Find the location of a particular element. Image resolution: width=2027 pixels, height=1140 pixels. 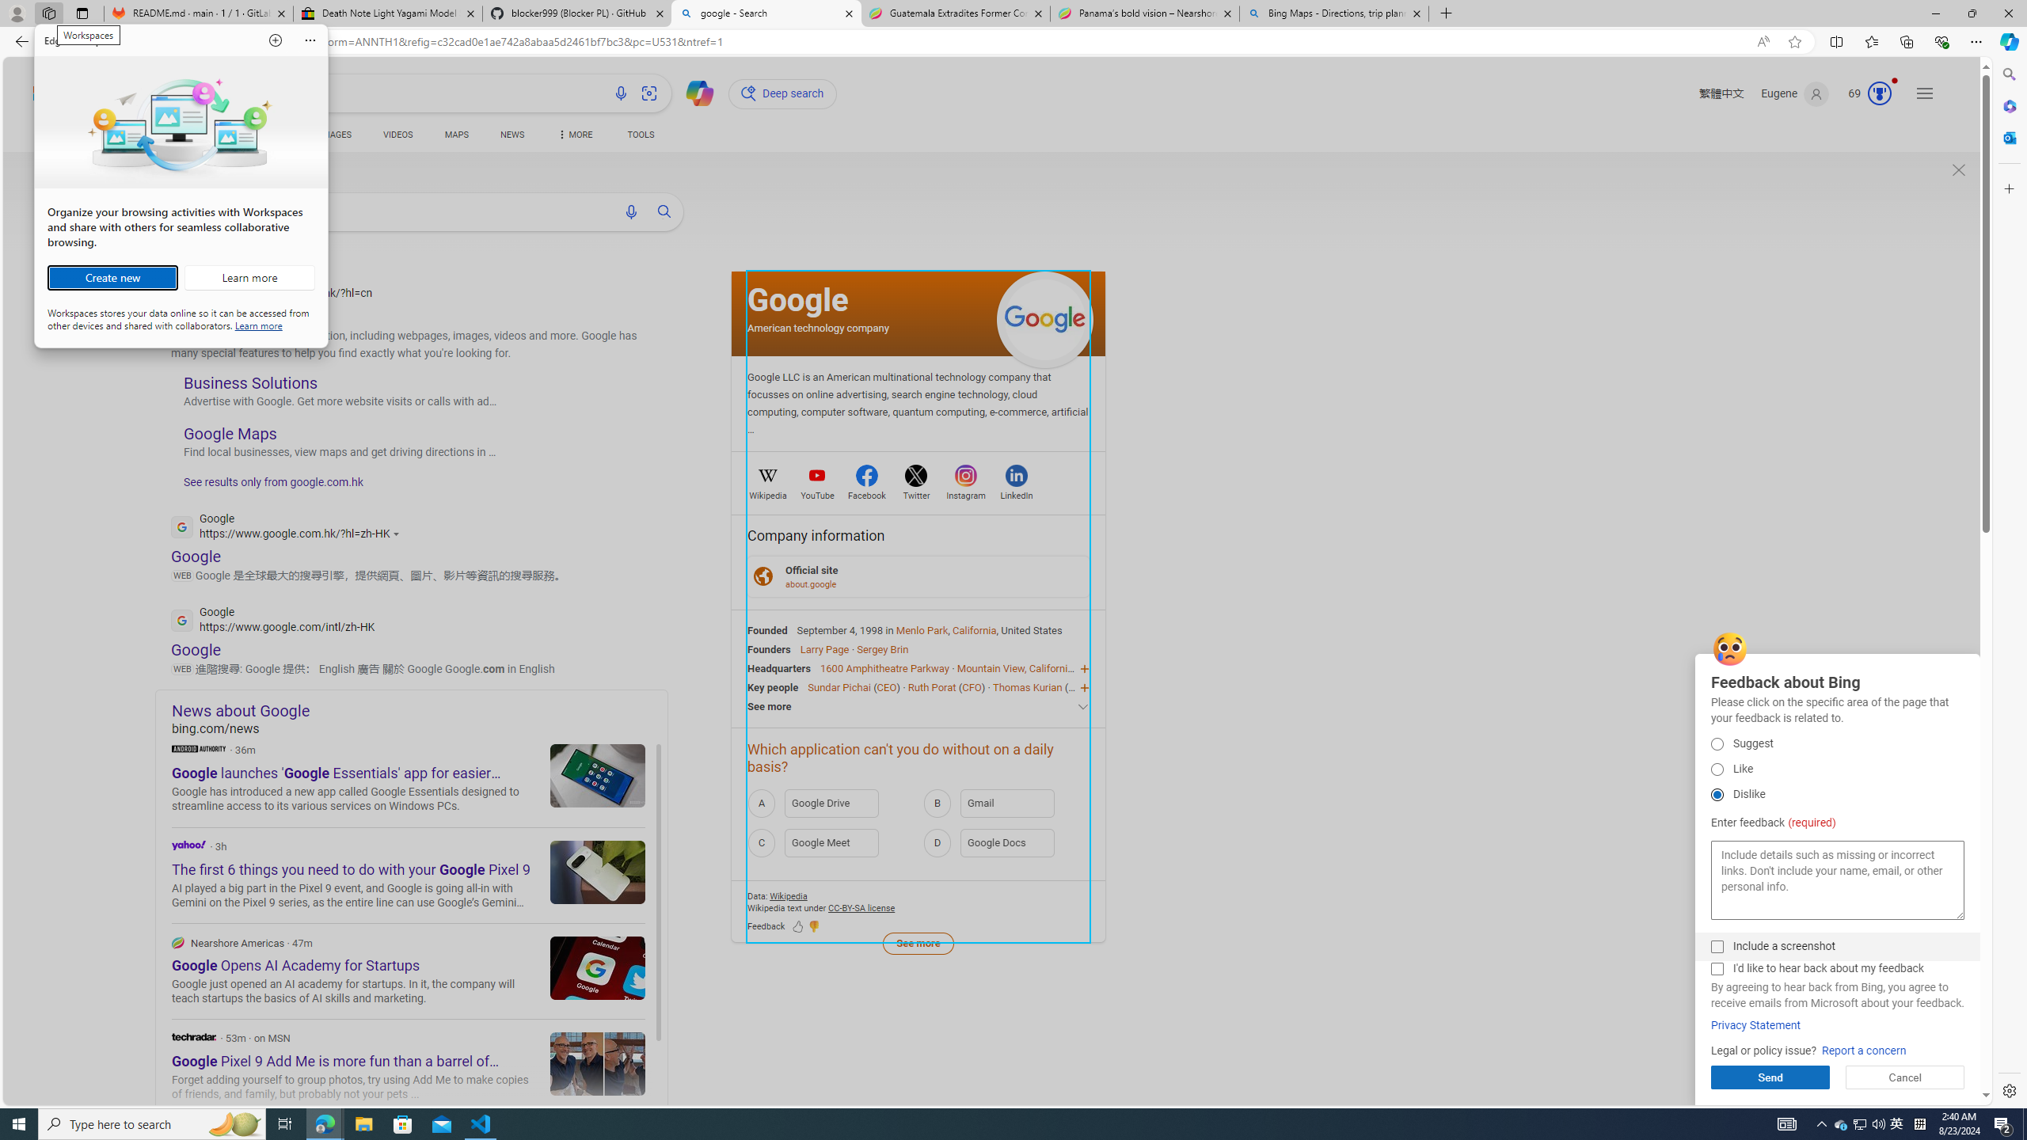

'I' is located at coordinates (1717, 968).